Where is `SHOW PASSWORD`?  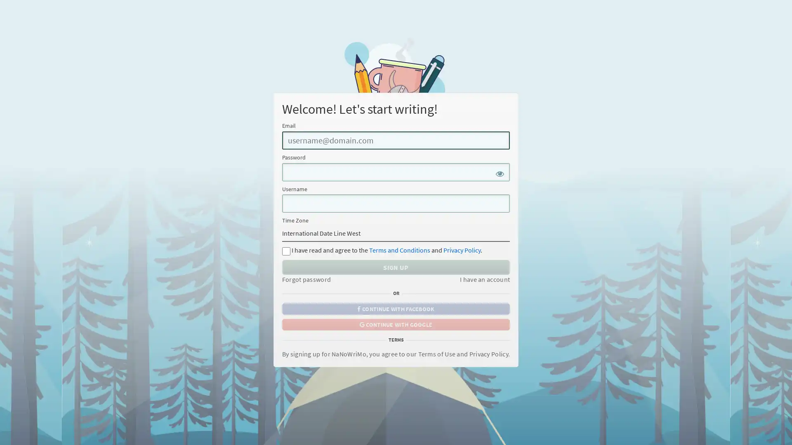
SHOW PASSWORD is located at coordinates (501, 173).